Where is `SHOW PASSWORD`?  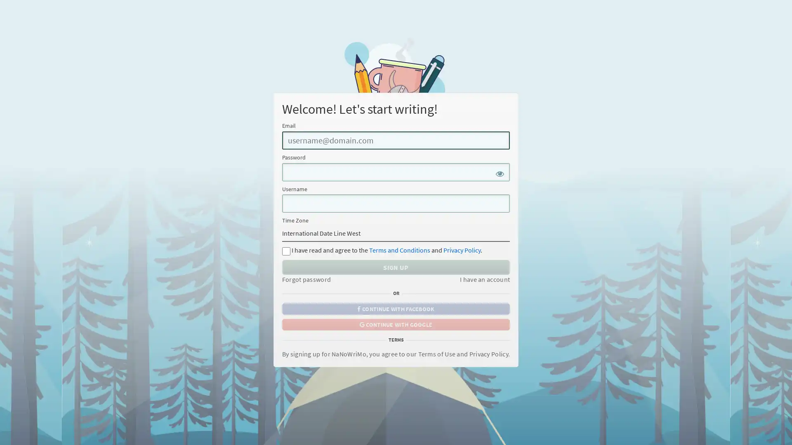
SHOW PASSWORD is located at coordinates (501, 173).